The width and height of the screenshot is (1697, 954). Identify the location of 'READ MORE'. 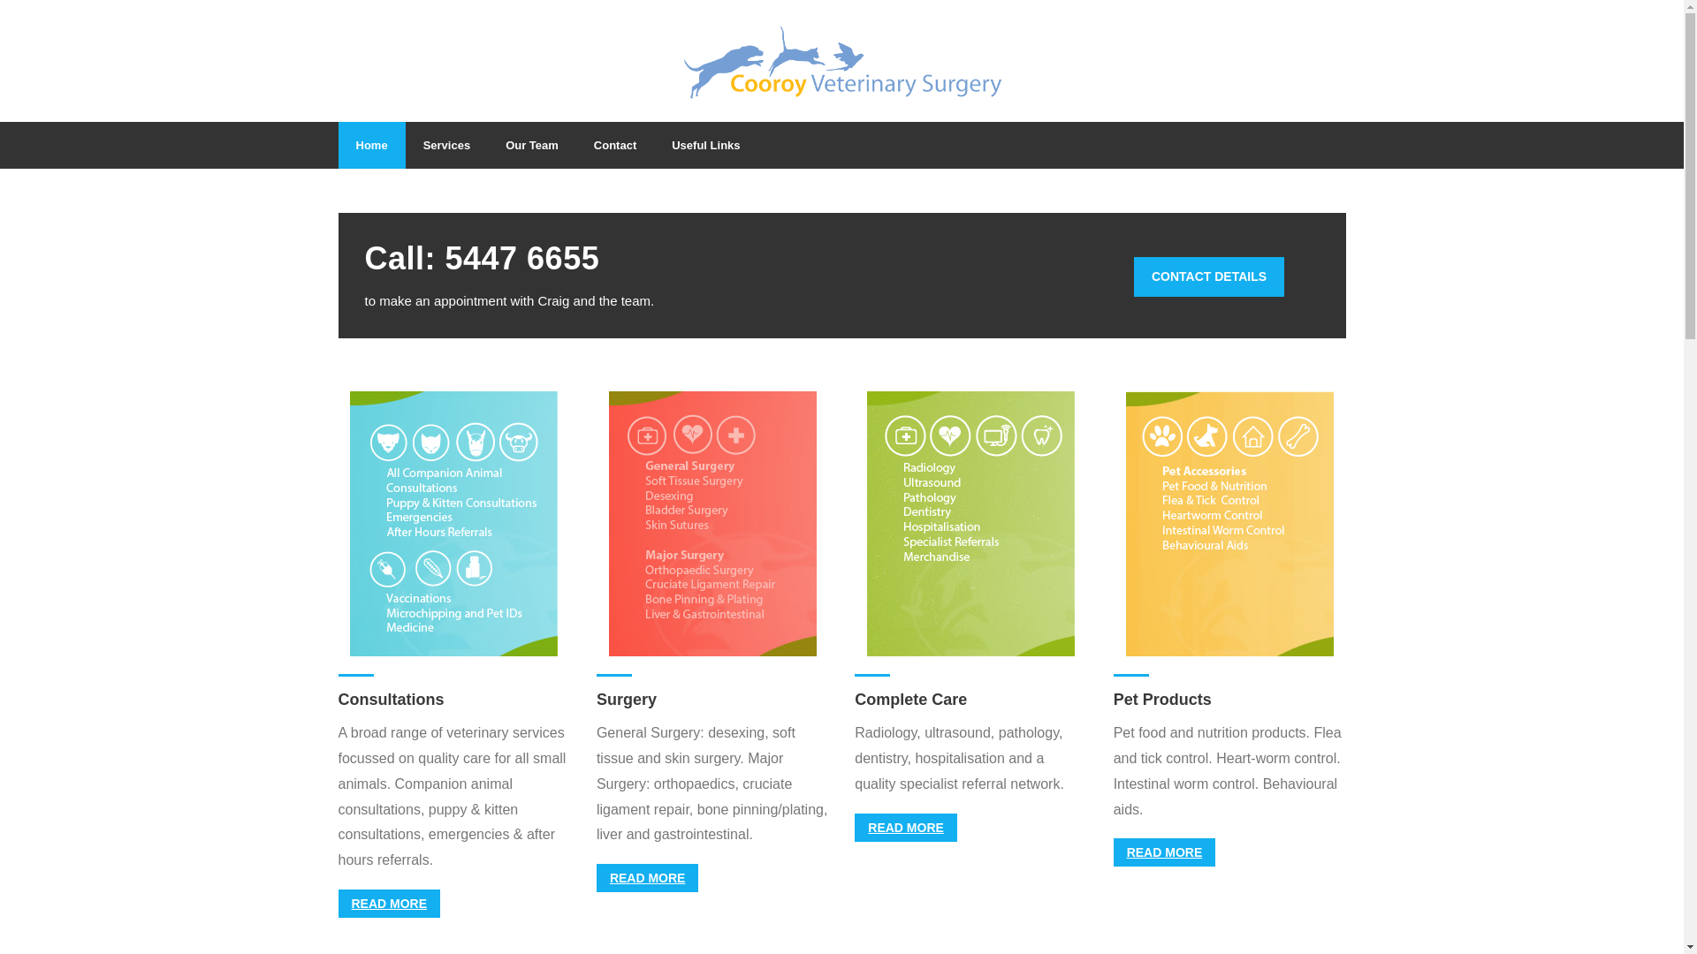
(388, 903).